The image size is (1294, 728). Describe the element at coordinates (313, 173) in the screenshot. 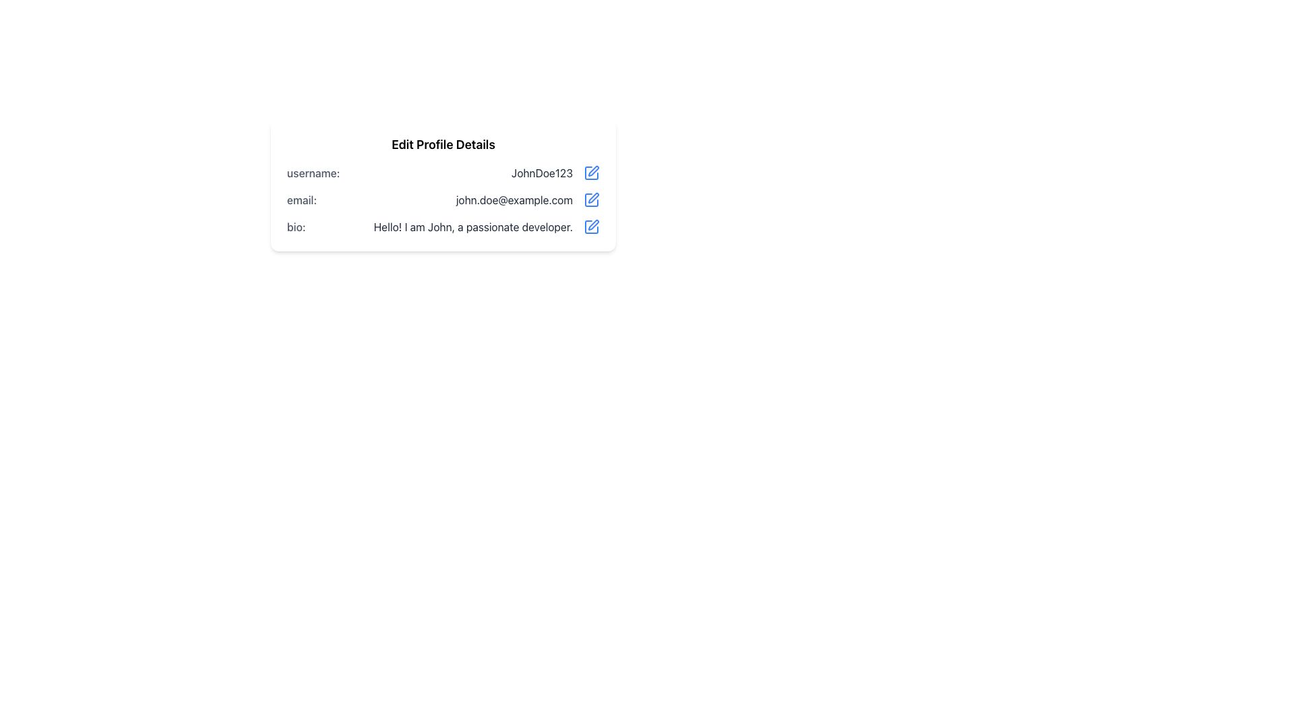

I see `the Text Label that identifies the username 'JohnDoe123' located at the top-left of the 'Edit Profile Details' section` at that location.